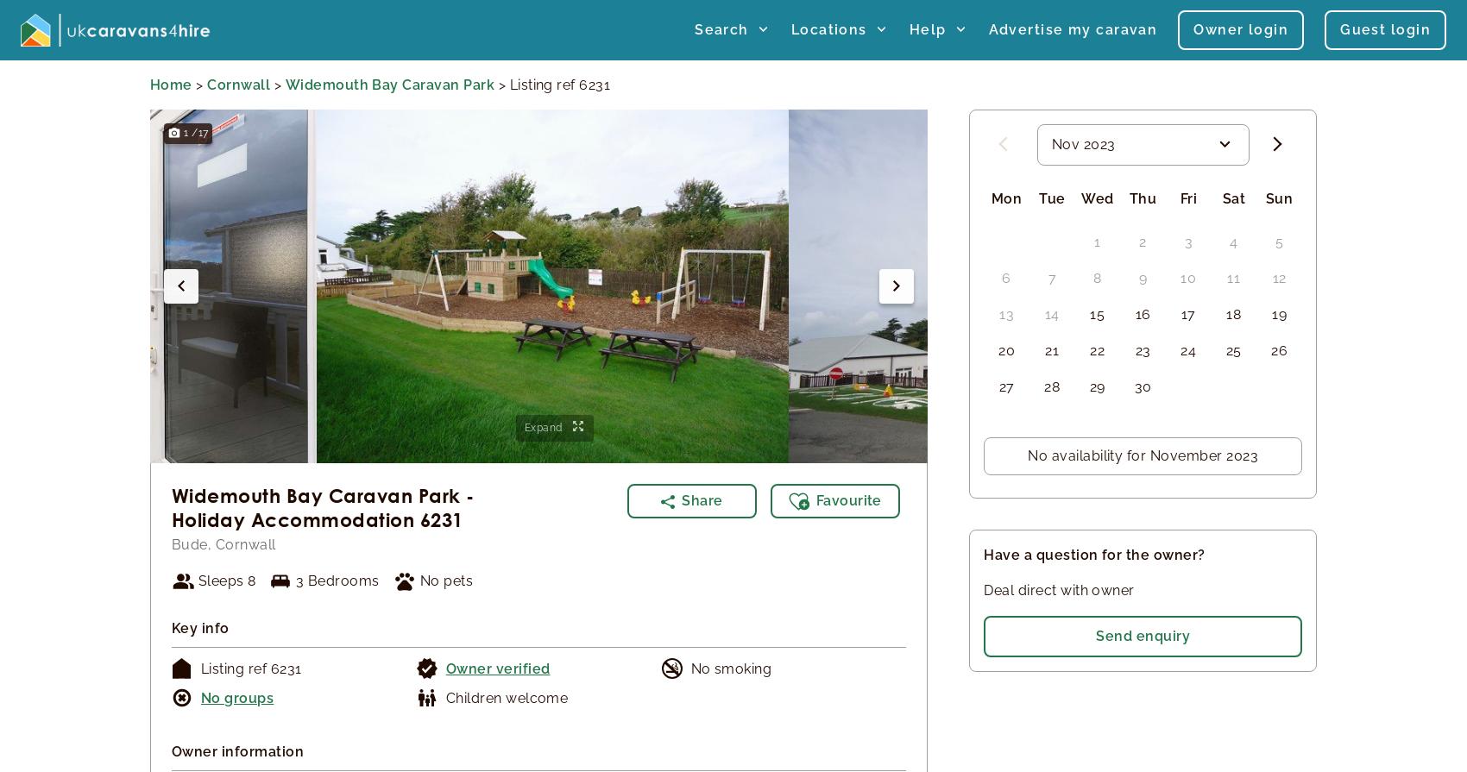 The height and width of the screenshot is (772, 1467). Describe the element at coordinates (444, 667) in the screenshot. I see `'Owner verified'` at that location.